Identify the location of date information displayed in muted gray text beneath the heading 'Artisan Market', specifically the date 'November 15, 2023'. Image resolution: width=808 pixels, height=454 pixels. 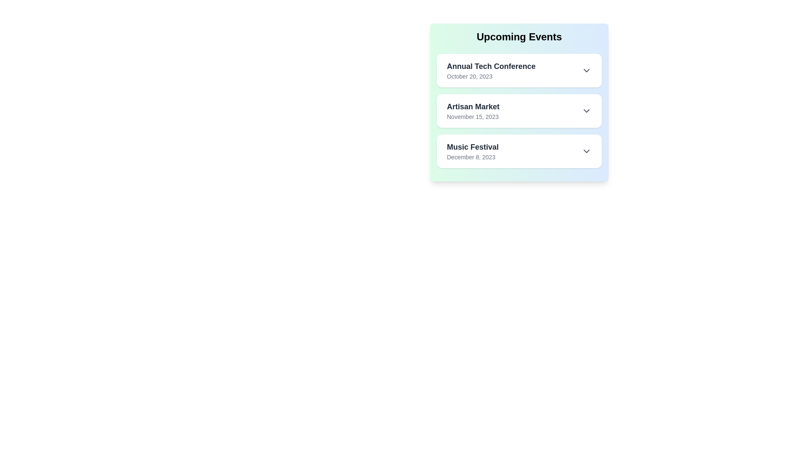
(473, 116).